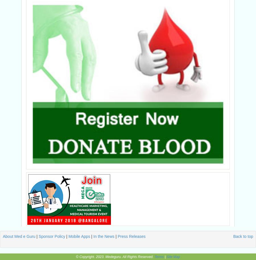 This screenshot has width=256, height=260. Describe the element at coordinates (18, 236) in the screenshot. I see `'About Med e Guru'` at that location.